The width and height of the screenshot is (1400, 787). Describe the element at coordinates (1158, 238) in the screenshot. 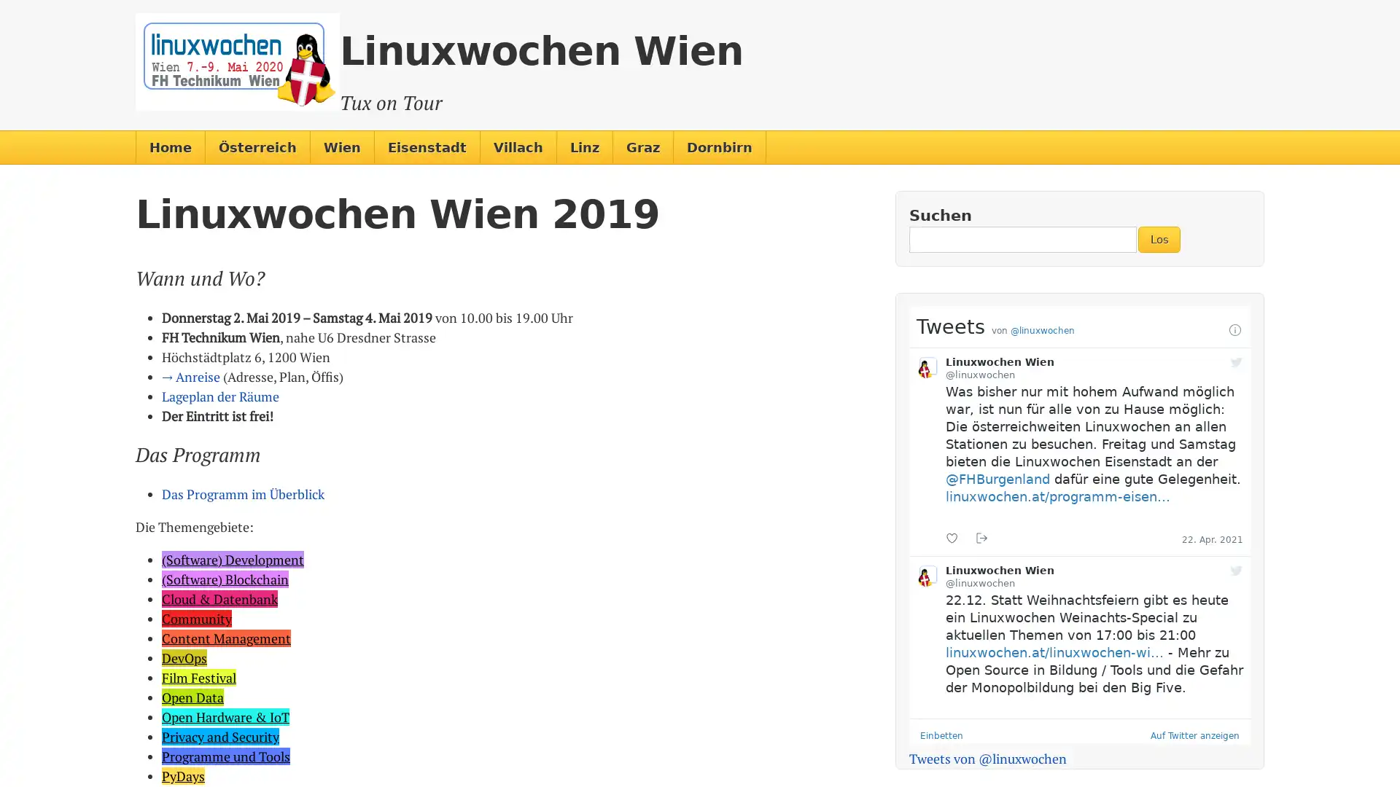

I see `Los` at that location.